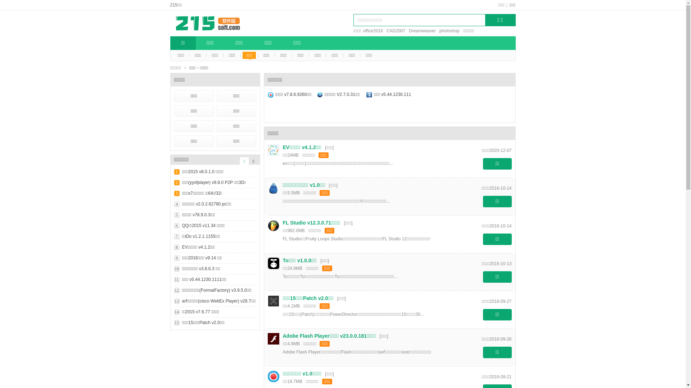 The image size is (691, 388). Describe the element at coordinates (373, 30) in the screenshot. I see `'office2016'` at that location.